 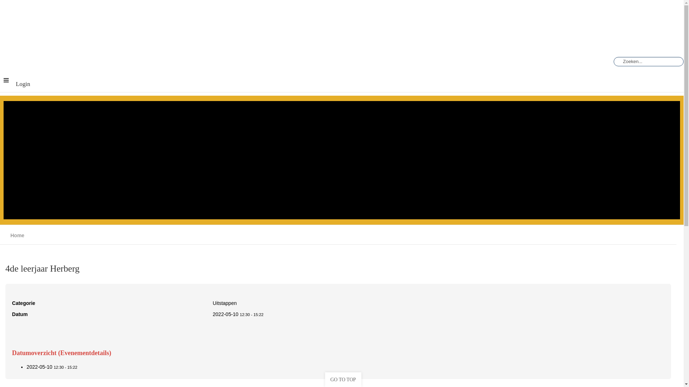 I want to click on 'U bevindt zich hier: ', so click(x=8, y=235).